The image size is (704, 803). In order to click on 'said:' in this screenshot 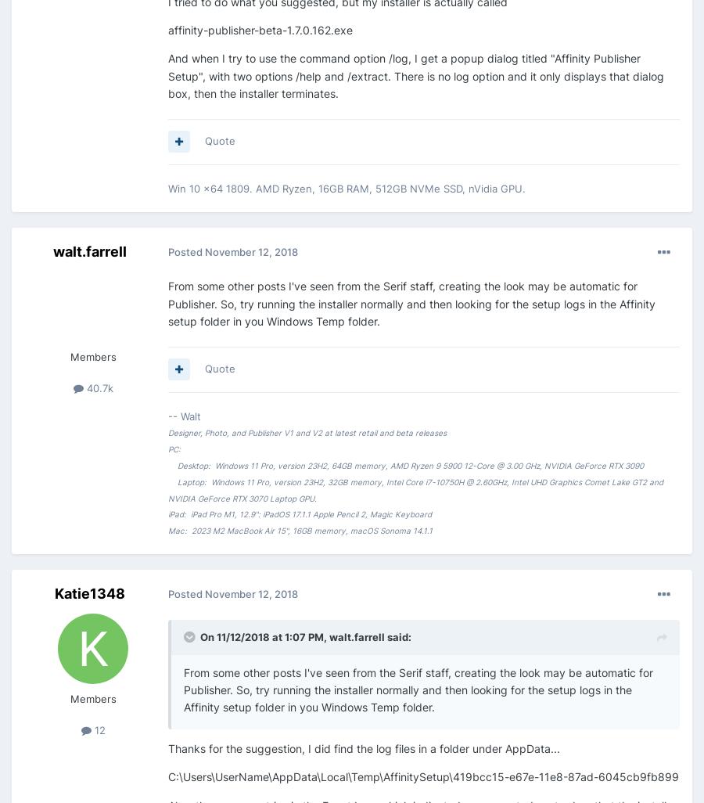, I will do `click(397, 636)`.